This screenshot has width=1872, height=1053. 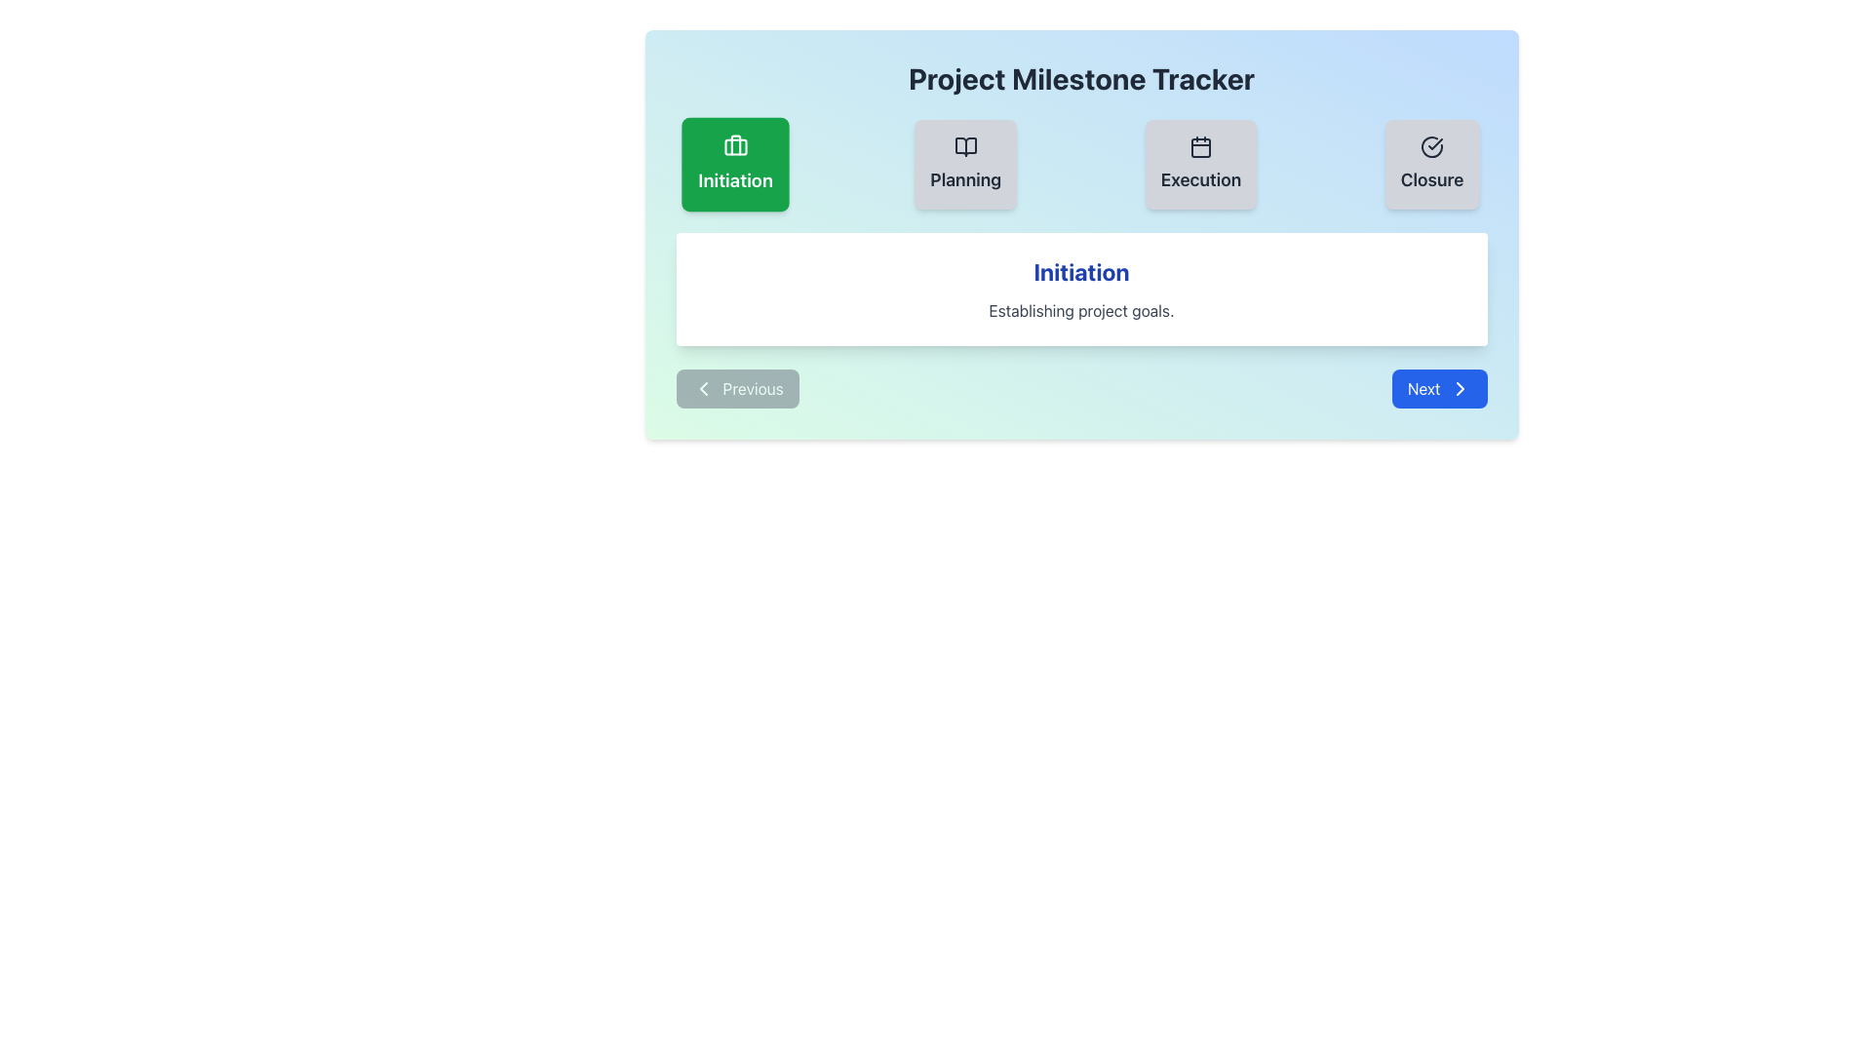 I want to click on the open book icon located at the top of the 'Planning' tile in the interface, so click(x=965, y=145).